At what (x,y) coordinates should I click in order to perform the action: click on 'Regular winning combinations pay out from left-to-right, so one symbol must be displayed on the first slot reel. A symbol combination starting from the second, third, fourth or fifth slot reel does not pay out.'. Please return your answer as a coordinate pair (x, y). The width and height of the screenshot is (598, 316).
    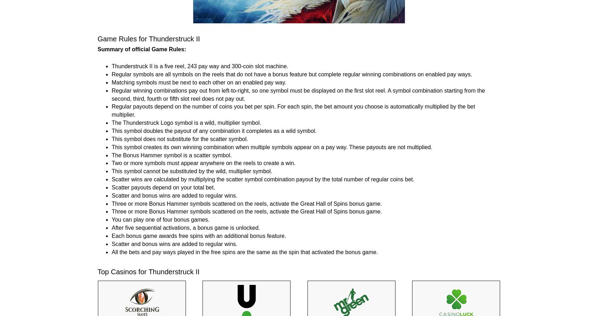
    Looking at the image, I should click on (298, 94).